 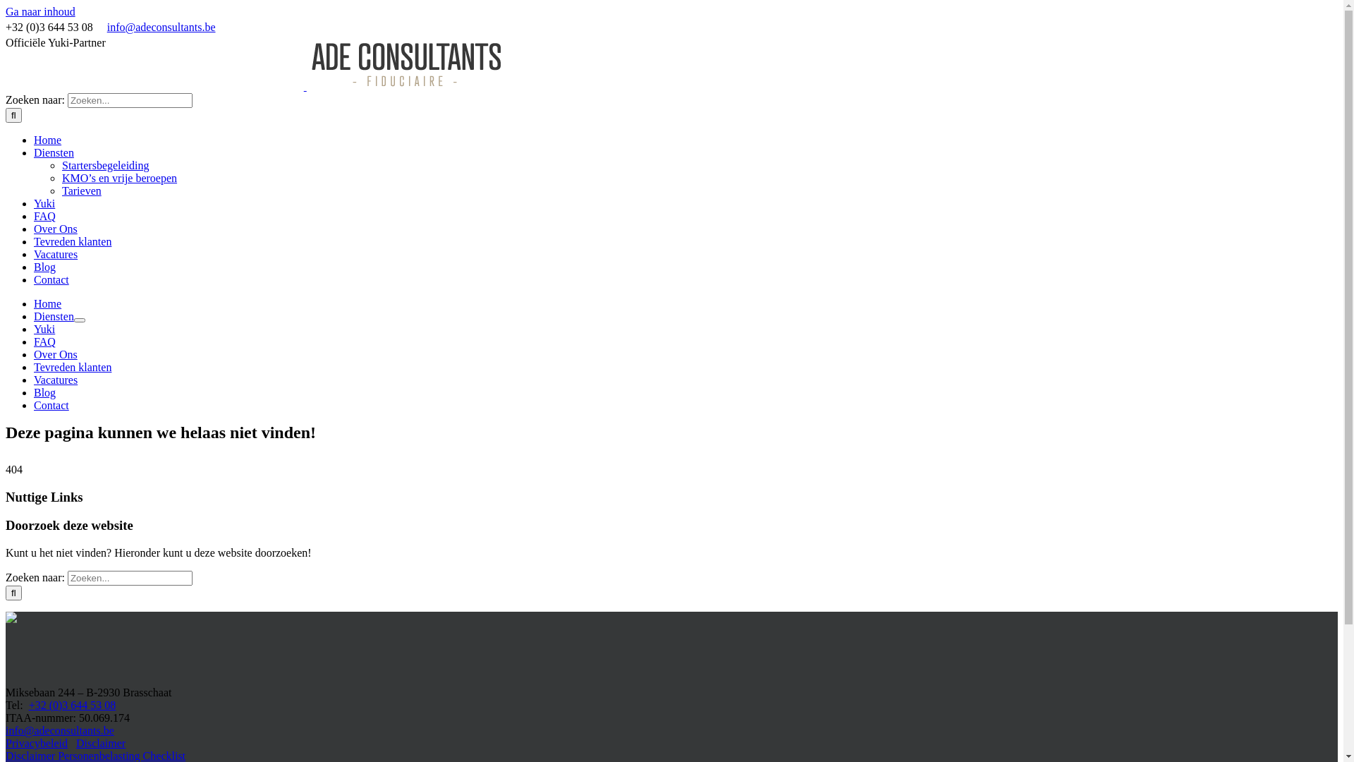 I want to click on 'Tarieven', so click(x=61, y=190).